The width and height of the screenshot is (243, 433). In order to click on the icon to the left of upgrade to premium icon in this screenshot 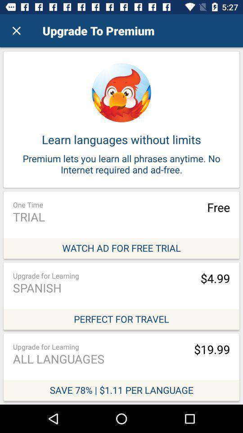, I will do `click(16, 31)`.